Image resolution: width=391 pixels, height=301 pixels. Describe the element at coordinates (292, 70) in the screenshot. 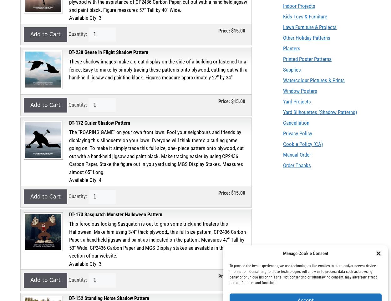

I see `'Supplies'` at that location.